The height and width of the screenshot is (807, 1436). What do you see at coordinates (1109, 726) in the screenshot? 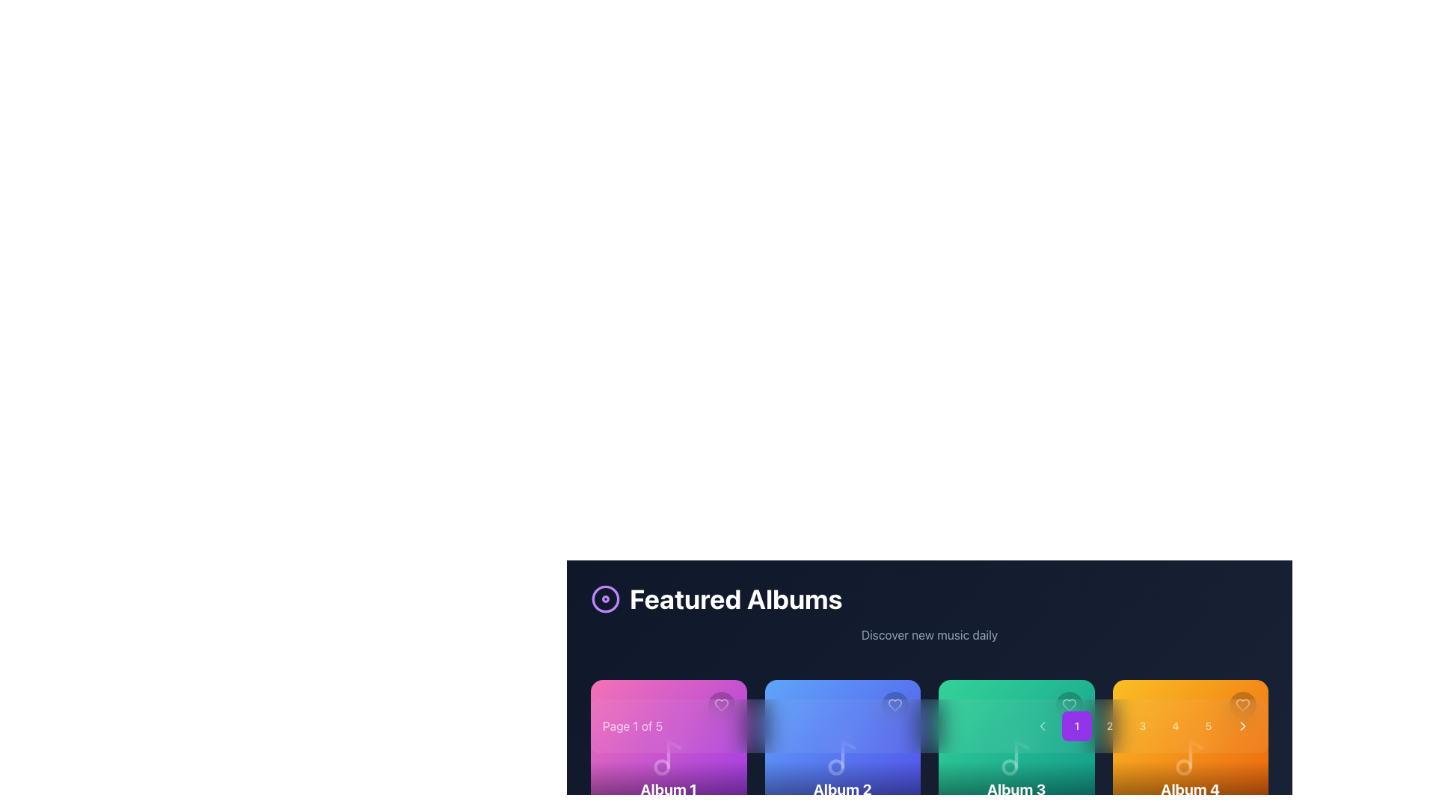
I see `the circular button labeled '2'` at bounding box center [1109, 726].